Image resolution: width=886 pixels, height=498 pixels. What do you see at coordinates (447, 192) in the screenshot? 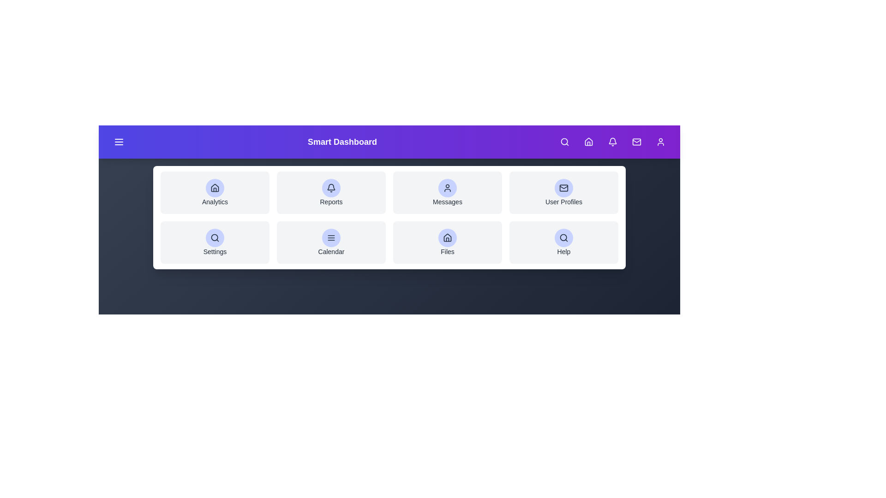
I see `the grid item labeled Messages` at bounding box center [447, 192].